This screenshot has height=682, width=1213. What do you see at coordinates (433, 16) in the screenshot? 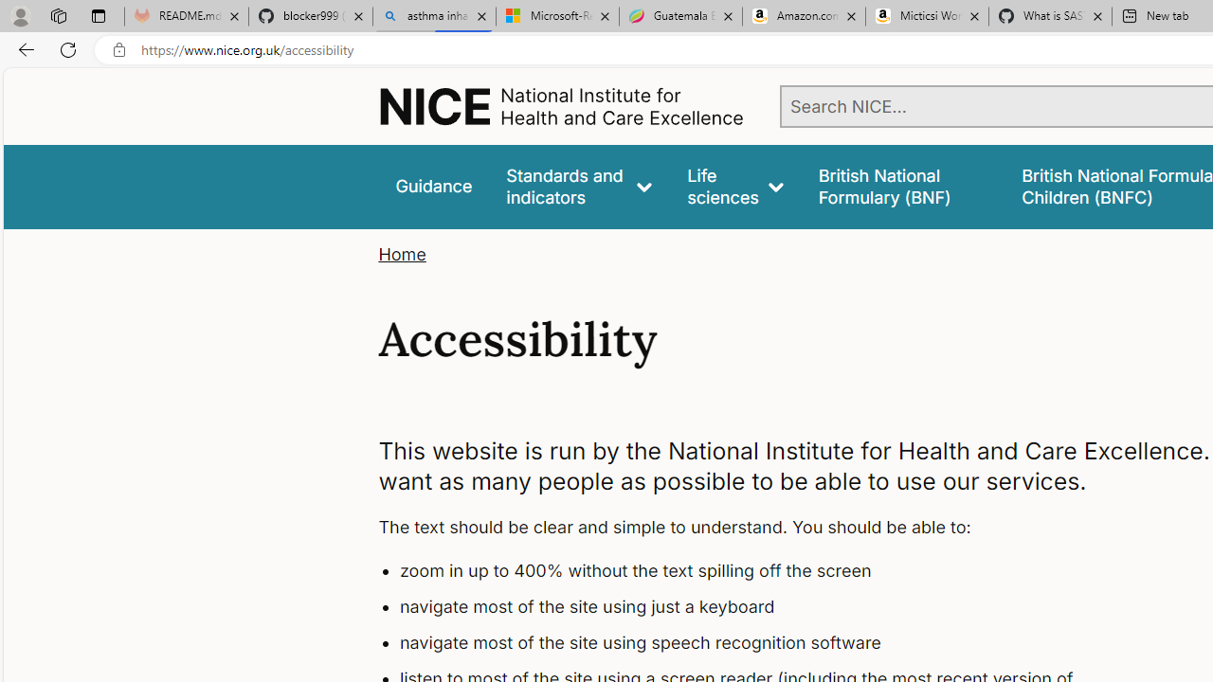
I see `'asthma inhaler - Search'` at bounding box center [433, 16].